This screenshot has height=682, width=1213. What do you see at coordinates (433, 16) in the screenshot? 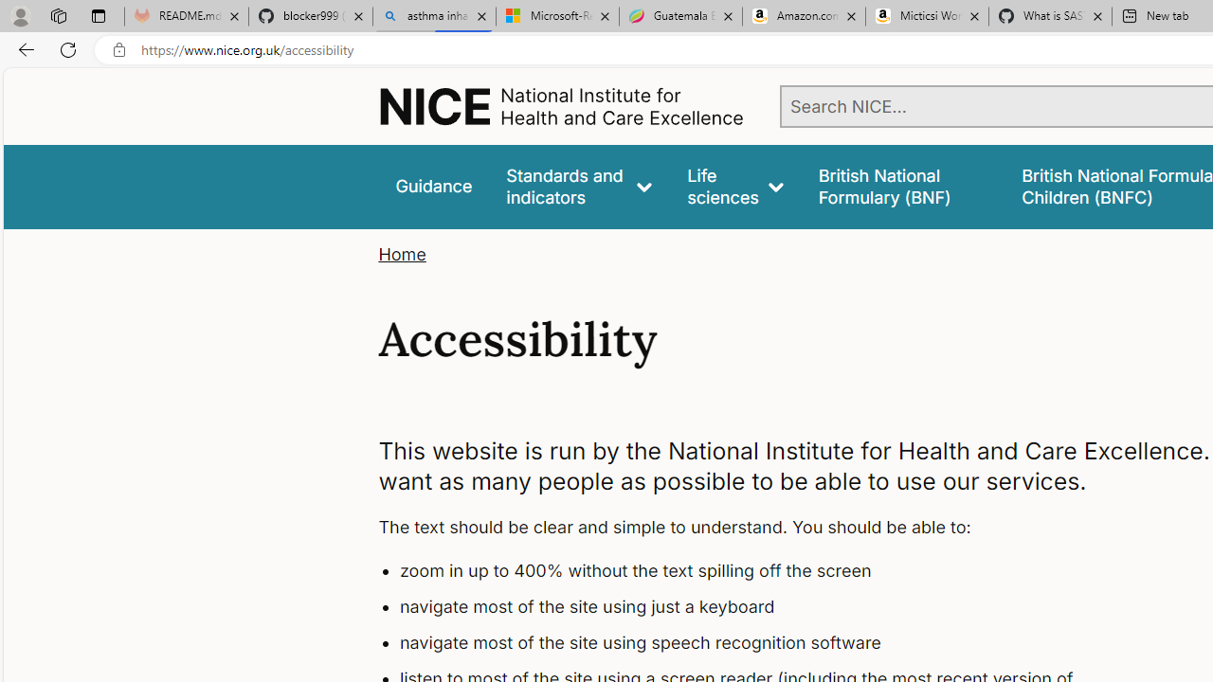
I see `'asthma inhaler - Search'` at bounding box center [433, 16].